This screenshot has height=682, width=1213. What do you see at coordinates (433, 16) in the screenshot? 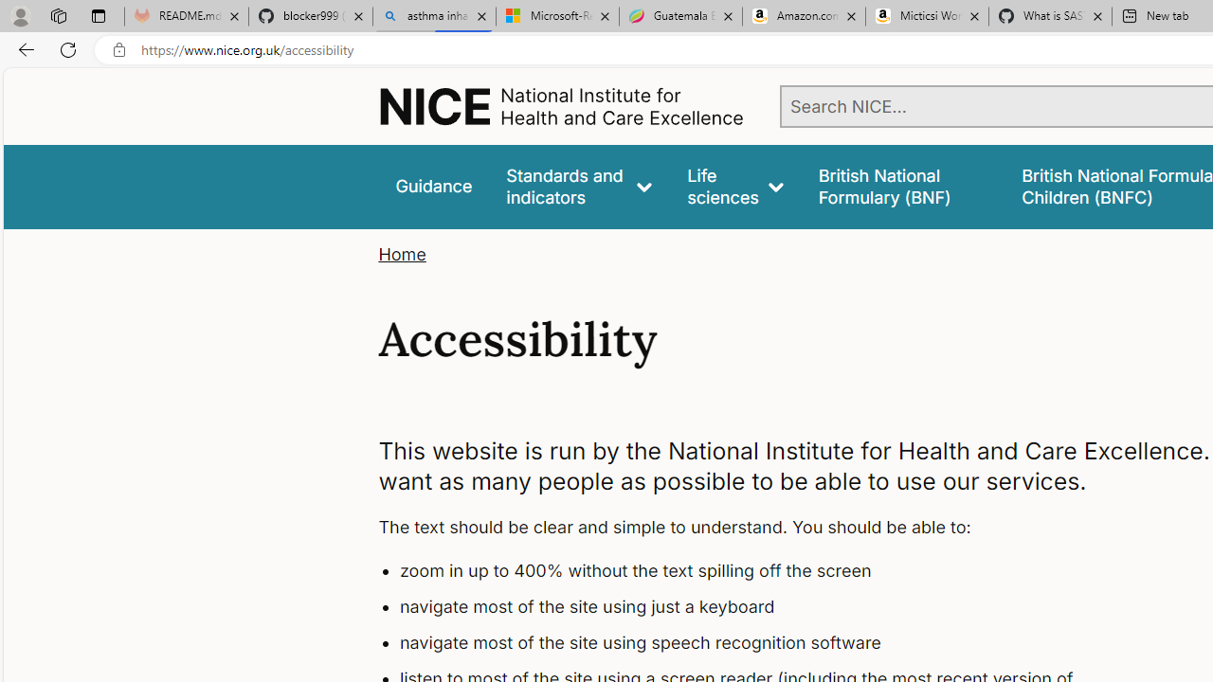
I see `'asthma inhaler - Search'` at bounding box center [433, 16].